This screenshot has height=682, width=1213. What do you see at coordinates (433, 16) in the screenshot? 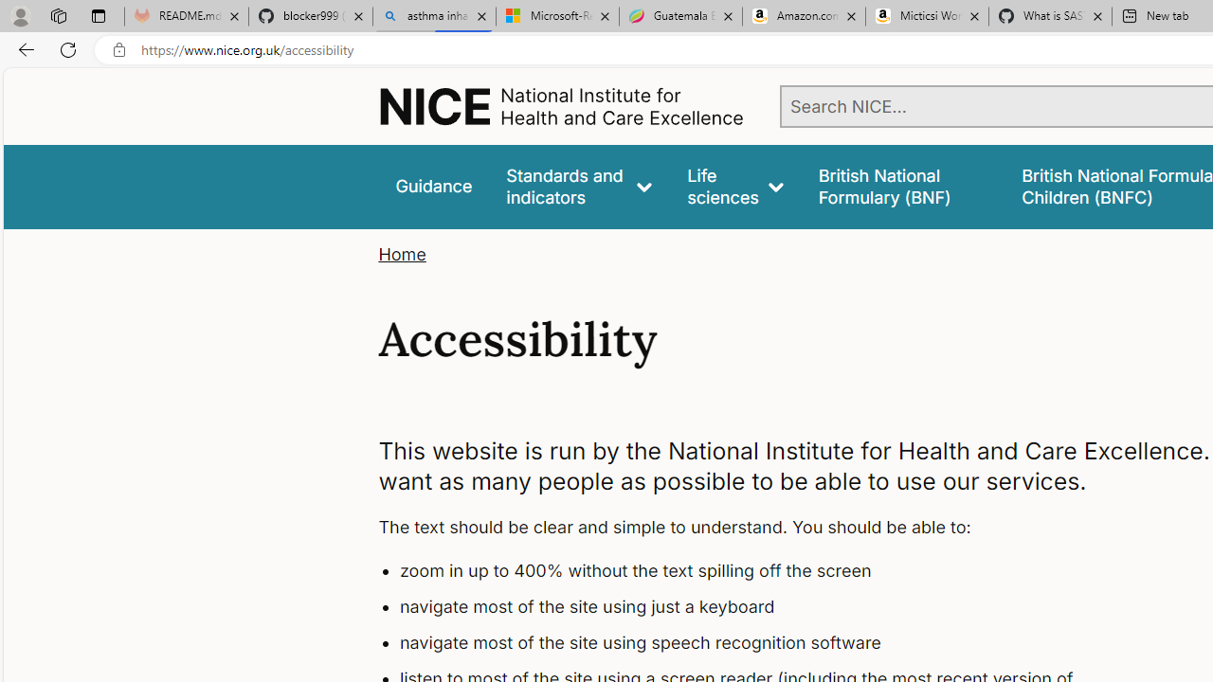
I see `'asthma inhaler - Search'` at bounding box center [433, 16].